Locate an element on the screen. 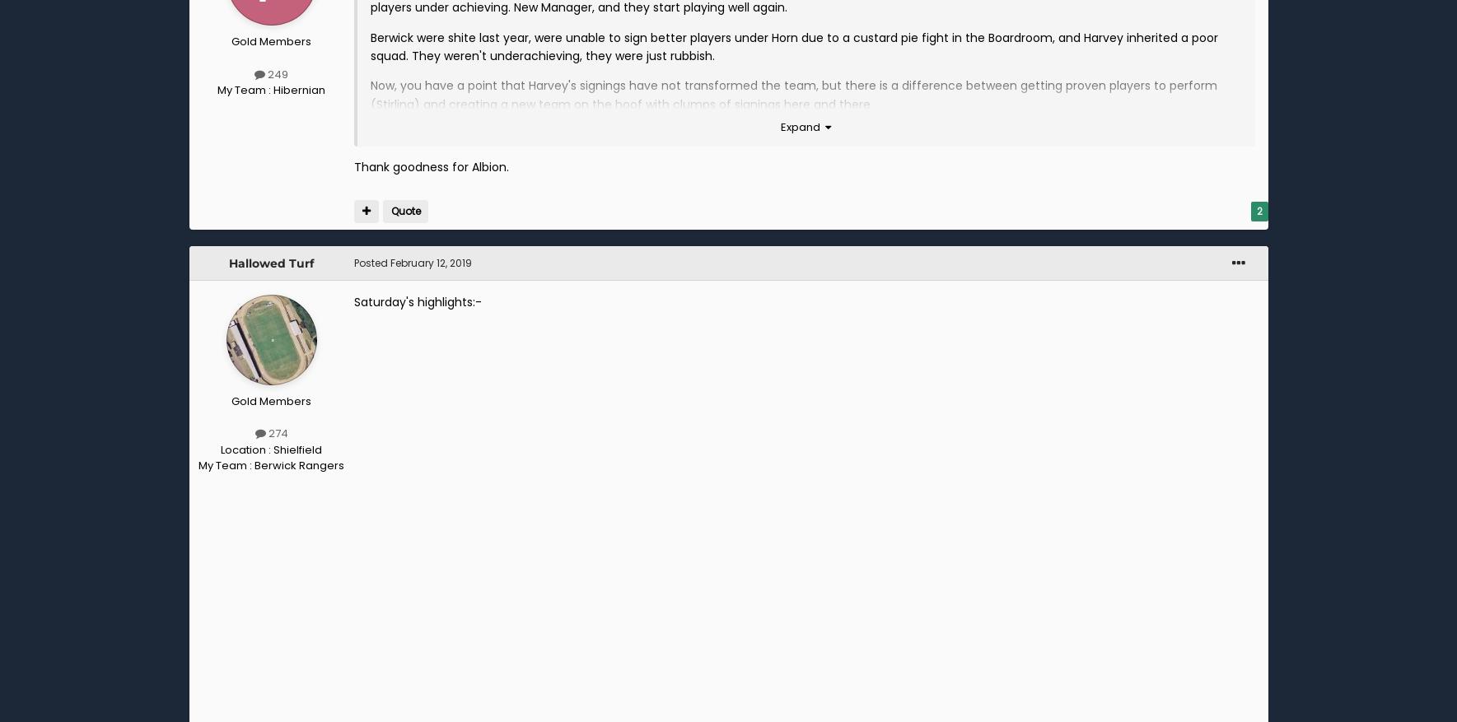 The height and width of the screenshot is (722, 1457). 'Shielfield' is located at coordinates (297, 449).